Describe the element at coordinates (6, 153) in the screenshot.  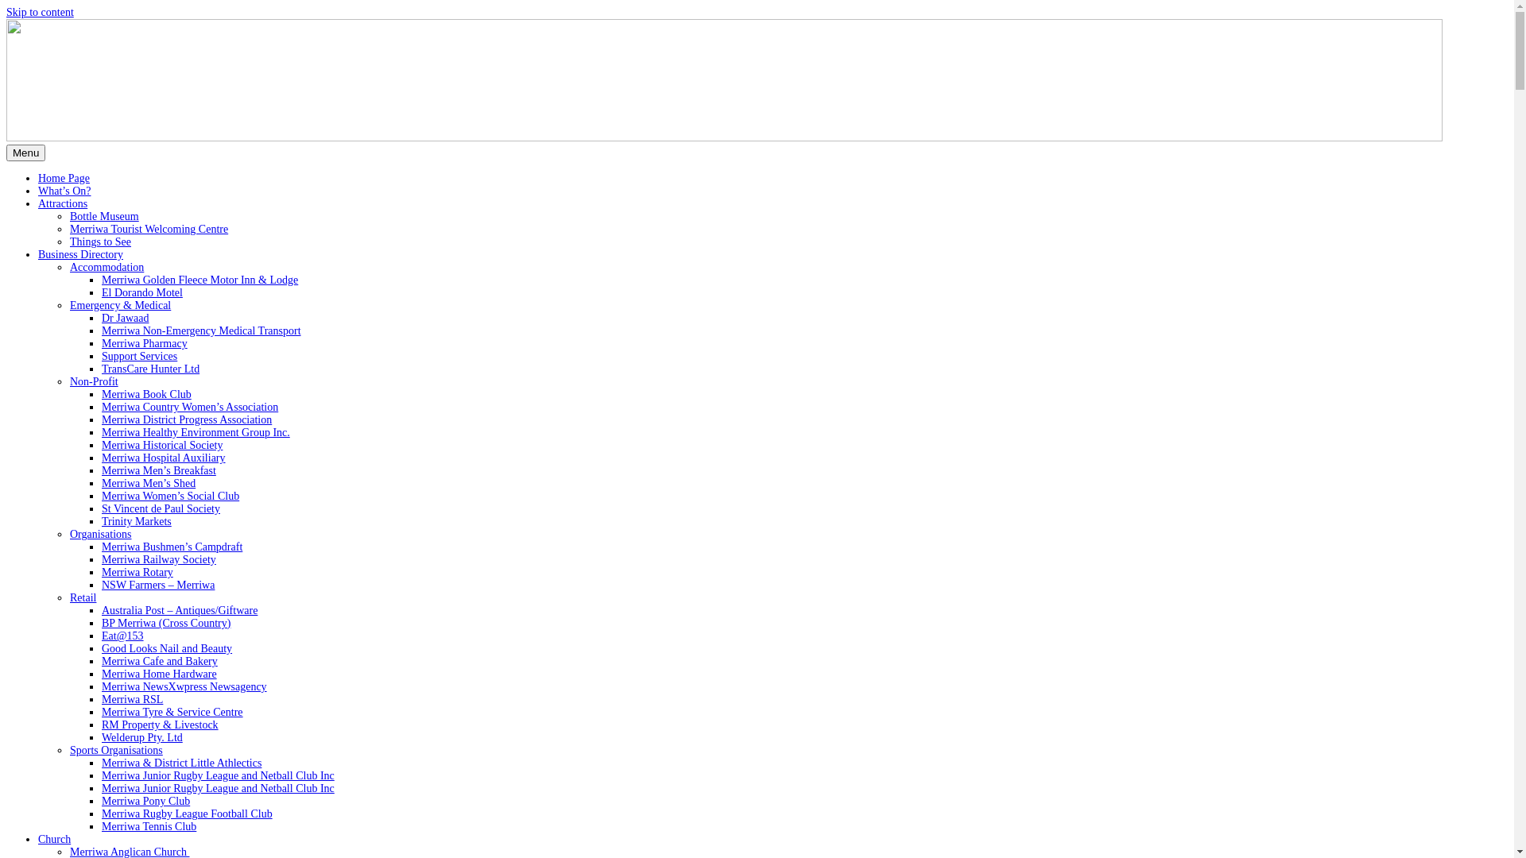
I see `'Menu'` at that location.